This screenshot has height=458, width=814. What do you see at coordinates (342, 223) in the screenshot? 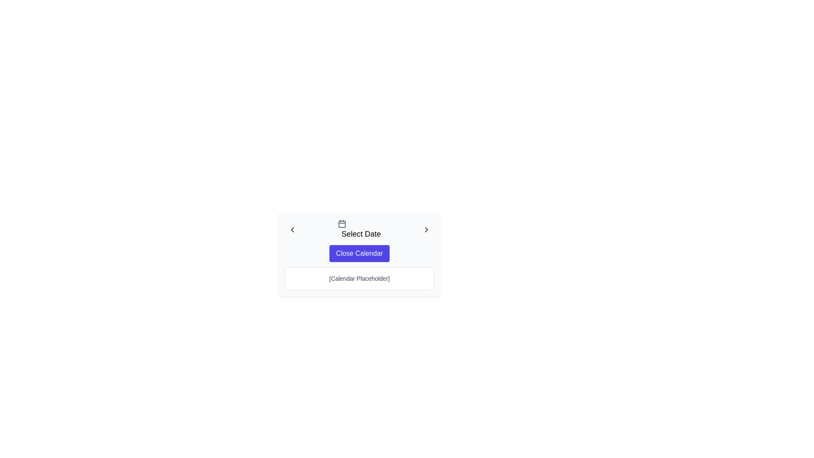
I see `the calendar icon located at the center top of the modal above the text 'Select Date'` at bounding box center [342, 223].